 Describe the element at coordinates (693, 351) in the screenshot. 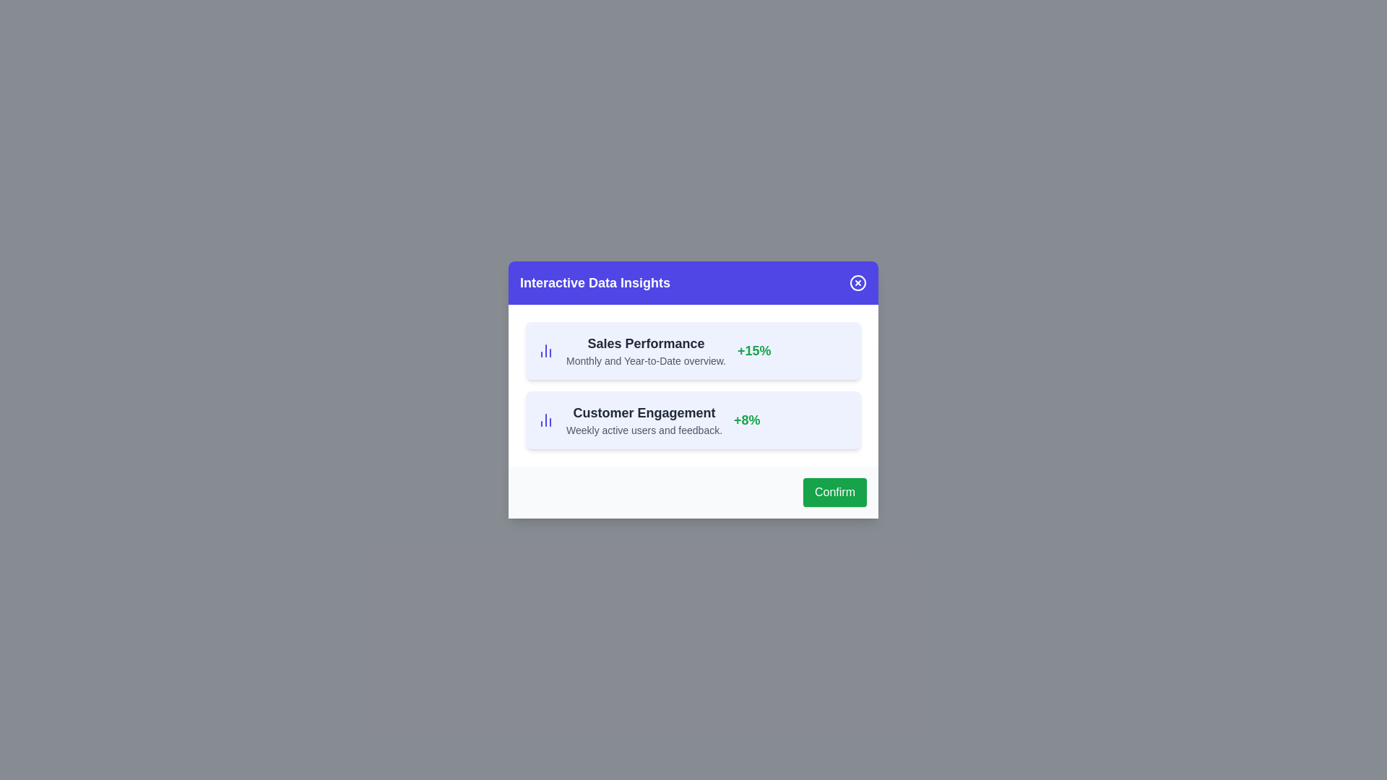

I see `the data item corresponding to Sales Performance` at that location.